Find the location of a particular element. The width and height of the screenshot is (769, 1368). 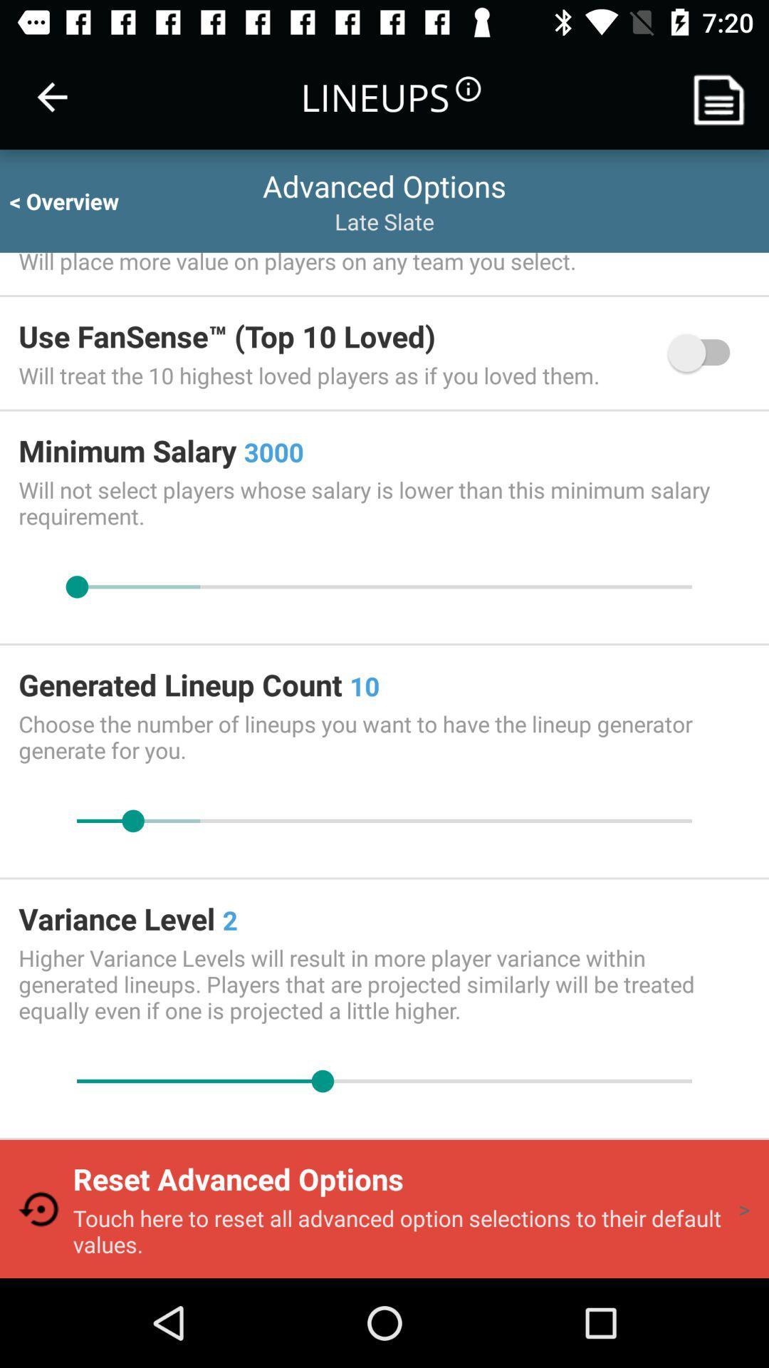

fansense option is located at coordinates (706, 353).